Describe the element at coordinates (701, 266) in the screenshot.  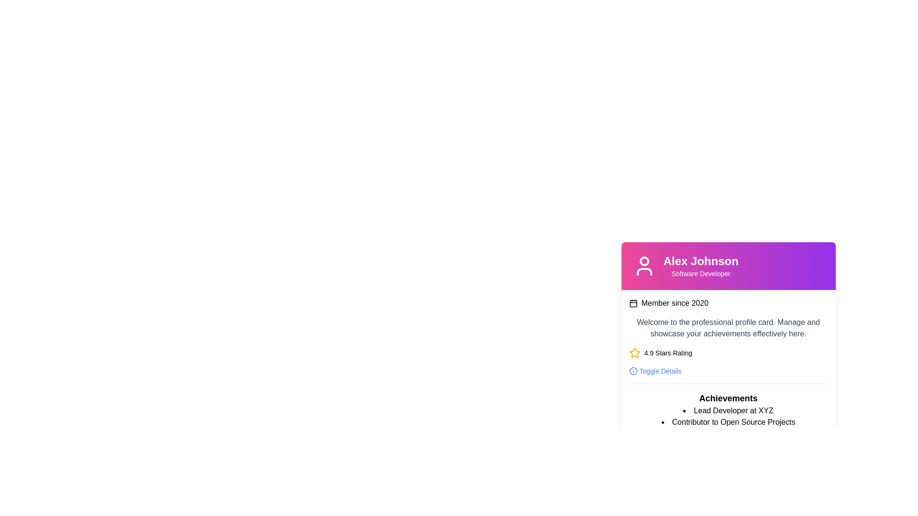
I see `the Text Display element that shows 'Alex Johnson' in bold, extra-large font and 'Software Developer' in smaller font for accessibility` at that location.